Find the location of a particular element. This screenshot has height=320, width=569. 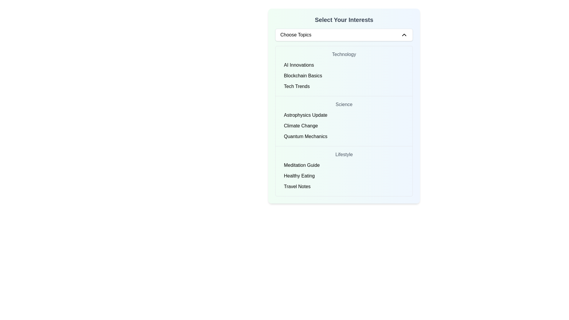

the 'Blockchain Basics' text label, which is the second item is located at coordinates (303, 75).